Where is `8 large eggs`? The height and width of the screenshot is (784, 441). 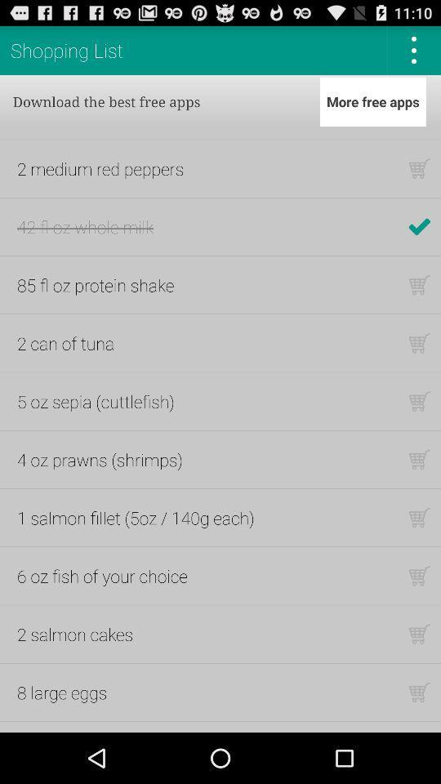 8 large eggs is located at coordinates (61, 691).